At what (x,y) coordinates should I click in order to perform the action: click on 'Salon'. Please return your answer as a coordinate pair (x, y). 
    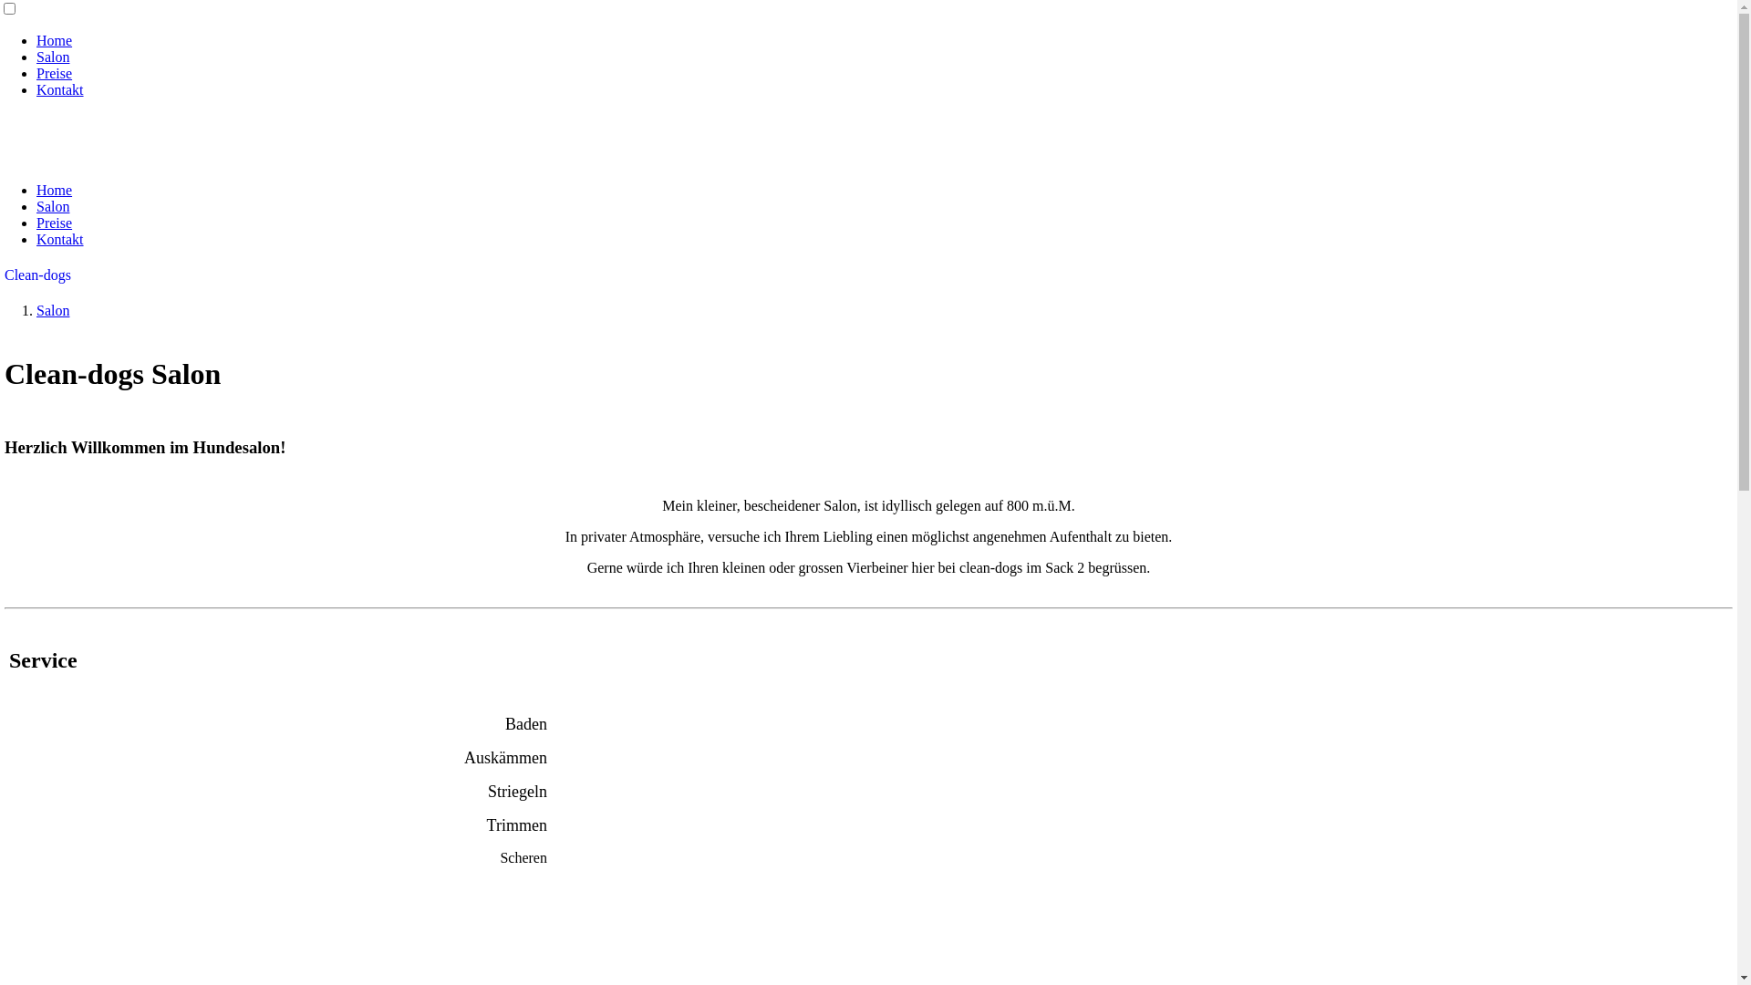
    Looking at the image, I should click on (36, 205).